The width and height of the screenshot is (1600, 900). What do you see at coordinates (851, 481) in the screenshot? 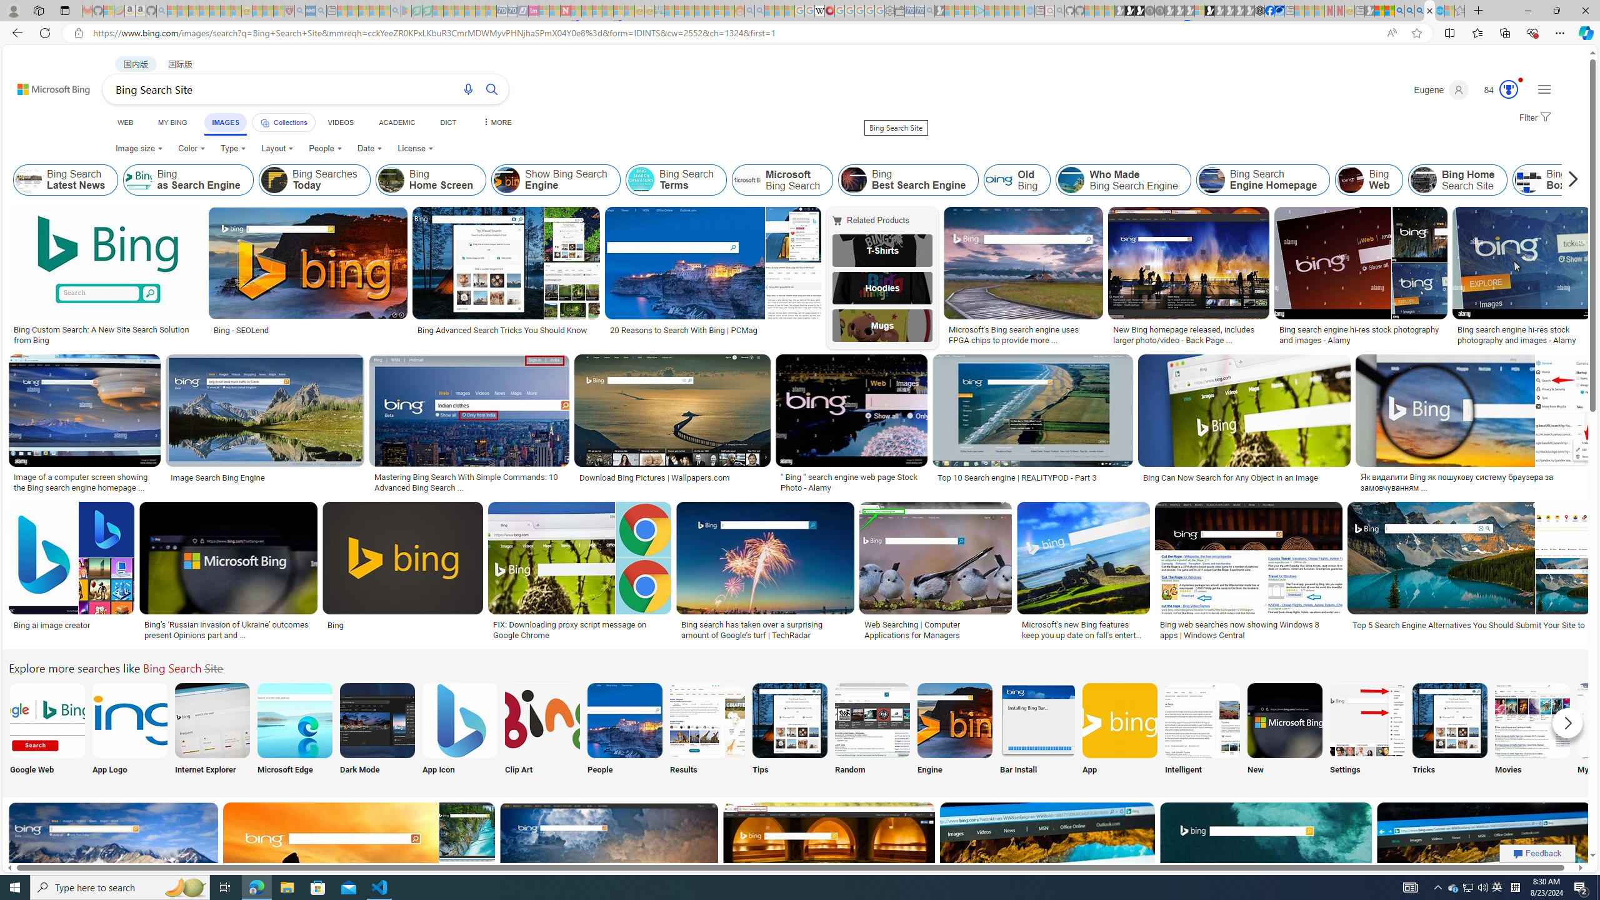
I see `'" Bing " search engine web page Stock Photo - Alamy'` at bounding box center [851, 481].